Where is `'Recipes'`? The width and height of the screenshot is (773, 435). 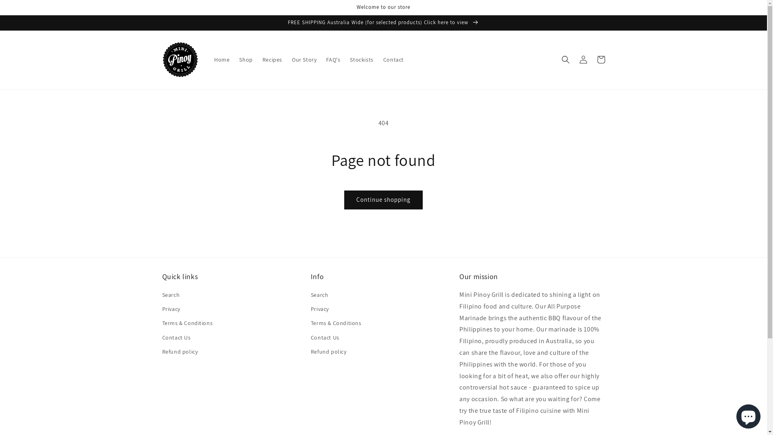 'Recipes' is located at coordinates (257, 59).